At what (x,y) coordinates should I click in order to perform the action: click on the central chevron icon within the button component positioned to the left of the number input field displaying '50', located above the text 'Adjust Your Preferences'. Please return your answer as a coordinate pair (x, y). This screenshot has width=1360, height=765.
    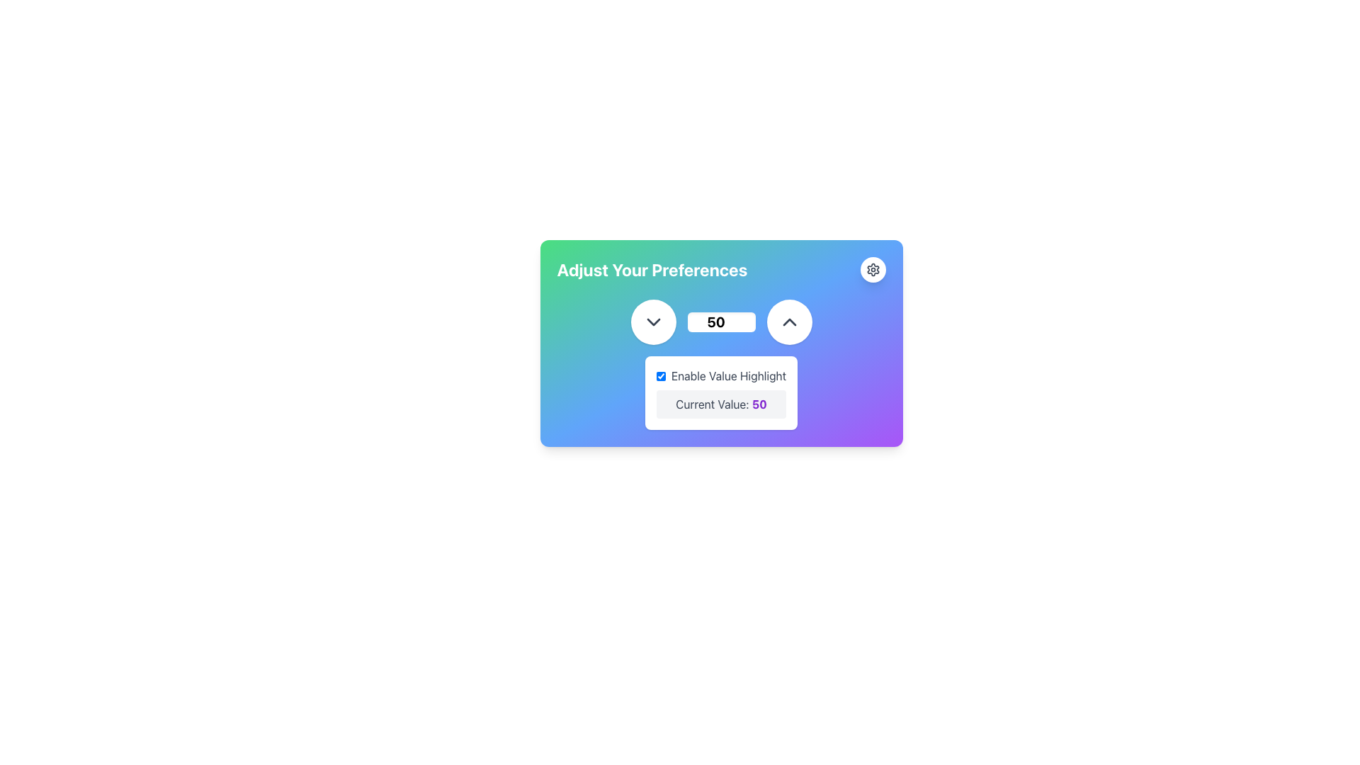
    Looking at the image, I should click on (788, 322).